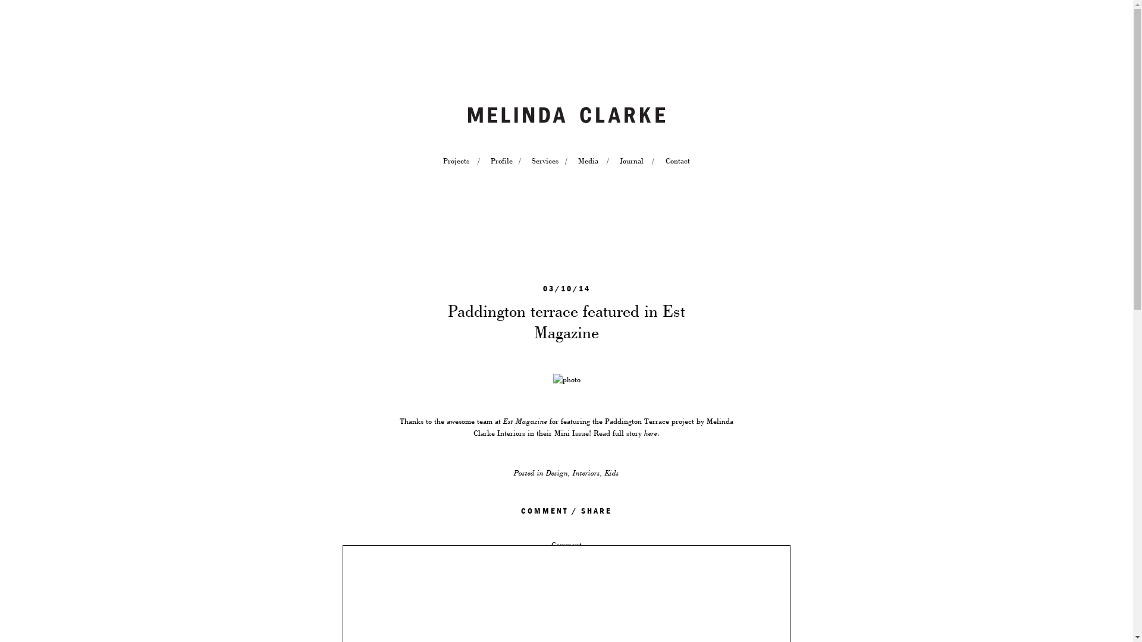 This screenshot has height=642, width=1142. What do you see at coordinates (500, 160) in the screenshot?
I see `'Profile'` at bounding box center [500, 160].